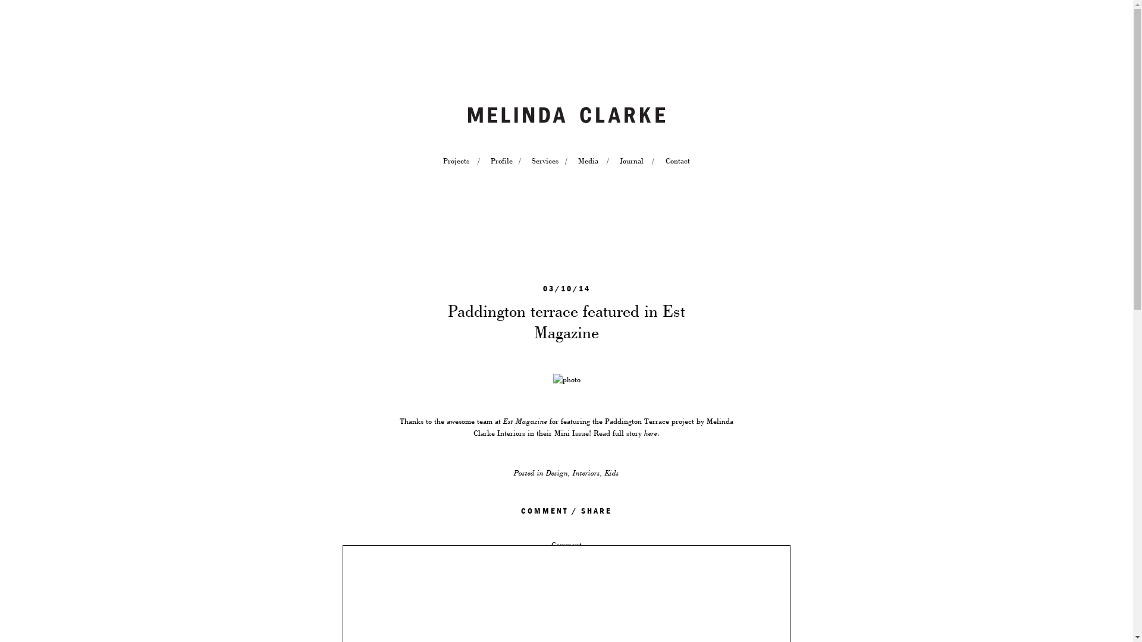 This screenshot has height=642, width=1142. What do you see at coordinates (500, 160) in the screenshot?
I see `'Profile'` at bounding box center [500, 160].